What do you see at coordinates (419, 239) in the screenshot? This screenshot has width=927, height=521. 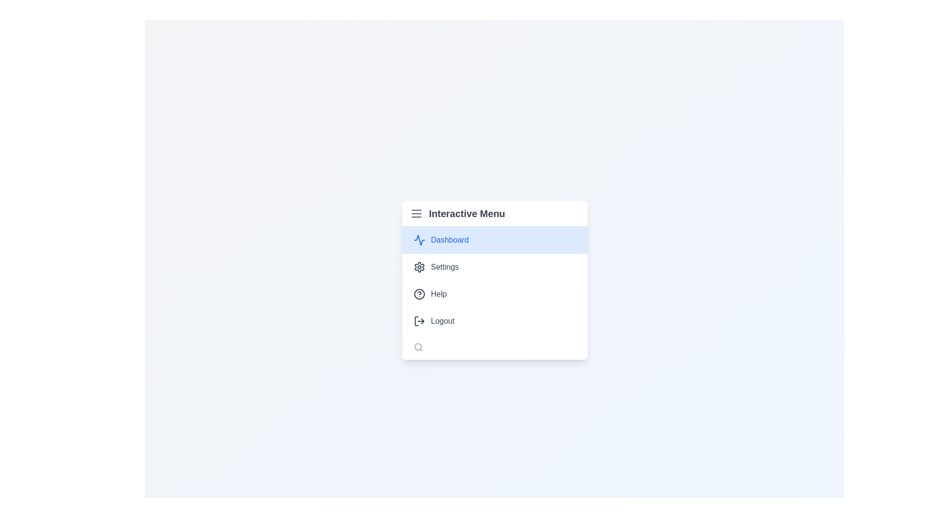 I see `the Dashboard icon located` at bounding box center [419, 239].